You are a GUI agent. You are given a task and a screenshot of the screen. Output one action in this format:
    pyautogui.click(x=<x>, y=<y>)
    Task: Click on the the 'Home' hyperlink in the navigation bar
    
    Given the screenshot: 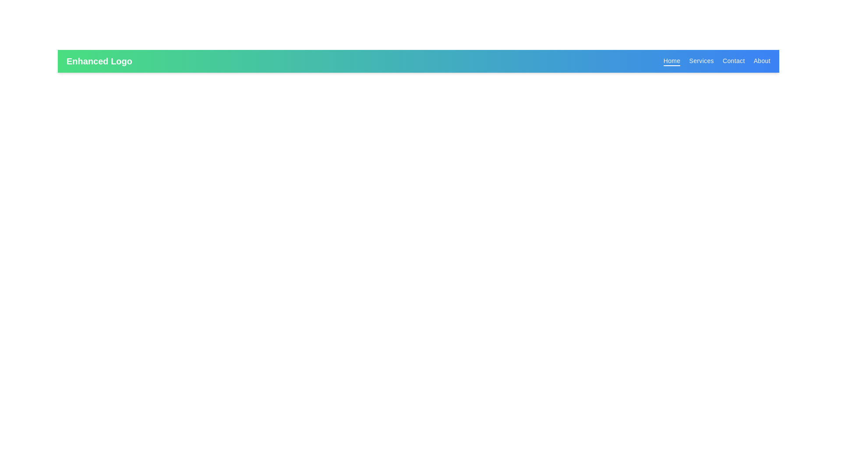 What is the action you would take?
    pyautogui.click(x=671, y=60)
    